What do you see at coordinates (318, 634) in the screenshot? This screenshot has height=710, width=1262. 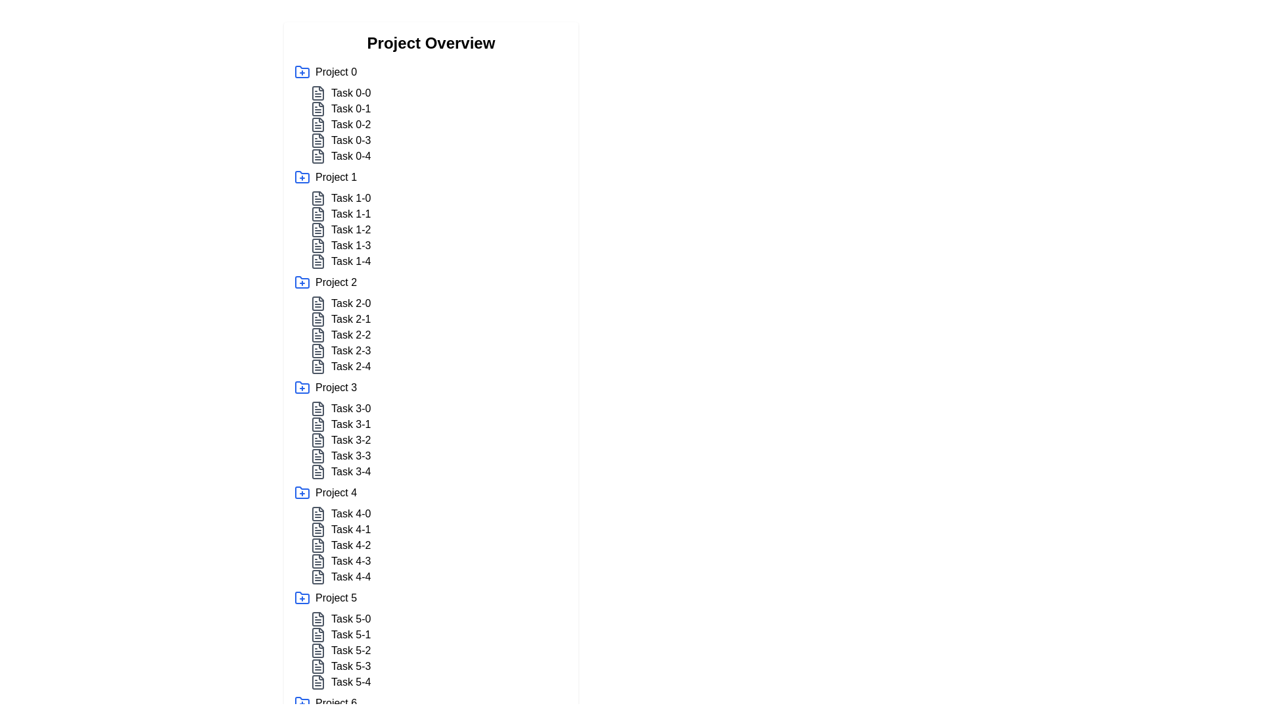 I see `the document icon representing 'Task 5-1' under 'Project 5' in the task list by clicking on it` at bounding box center [318, 634].